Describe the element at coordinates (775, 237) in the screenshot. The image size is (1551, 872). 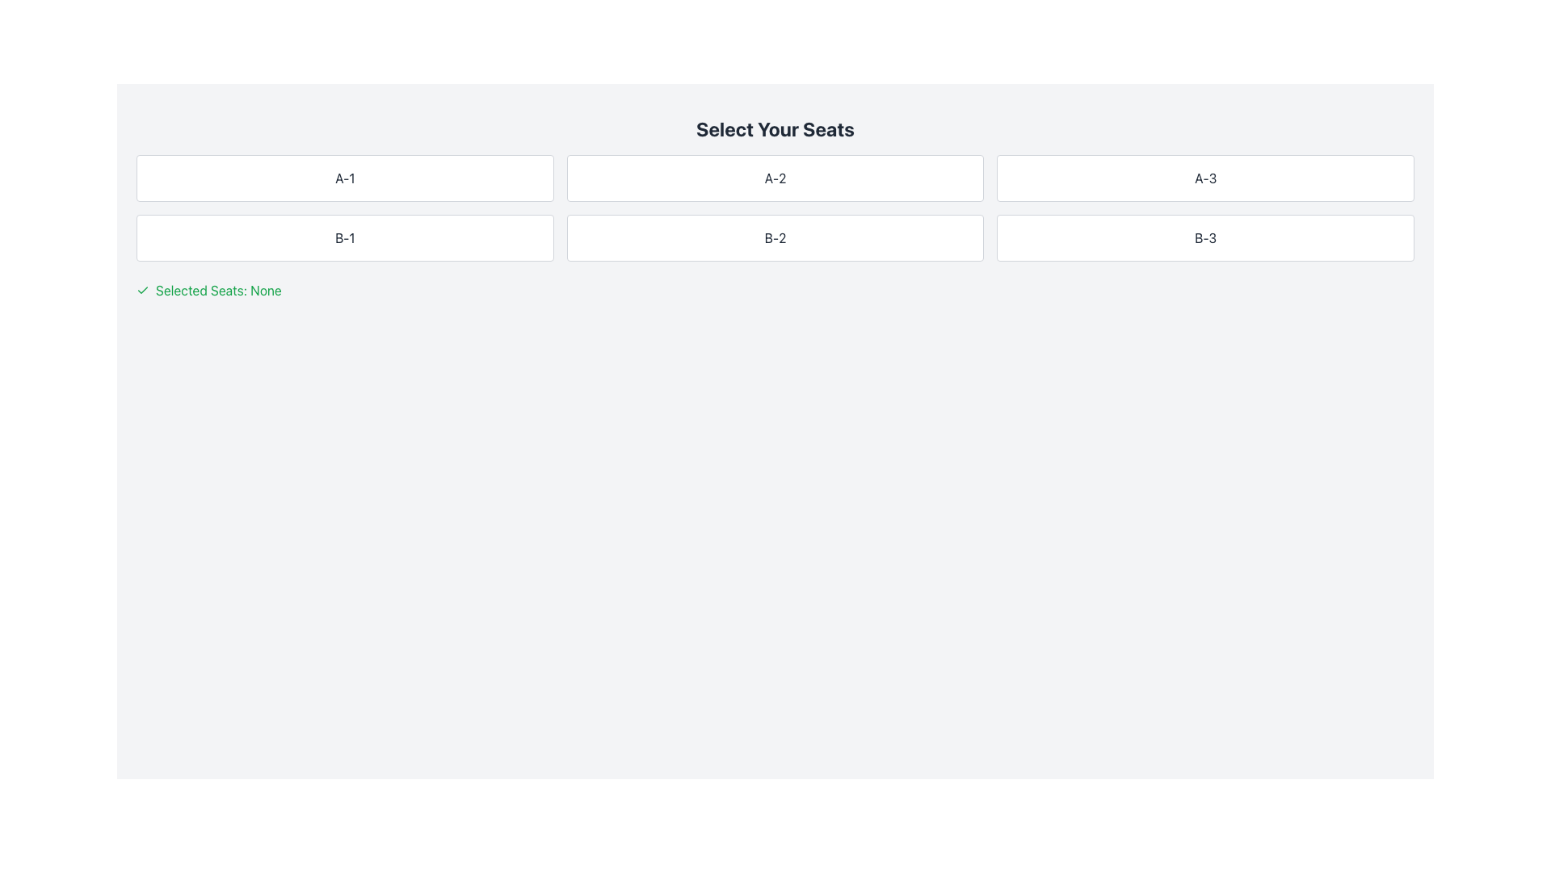
I see `the button labeled 'B-2', which is a rectangular button with a white background and a gray border, located at the center of the grid layout` at that location.